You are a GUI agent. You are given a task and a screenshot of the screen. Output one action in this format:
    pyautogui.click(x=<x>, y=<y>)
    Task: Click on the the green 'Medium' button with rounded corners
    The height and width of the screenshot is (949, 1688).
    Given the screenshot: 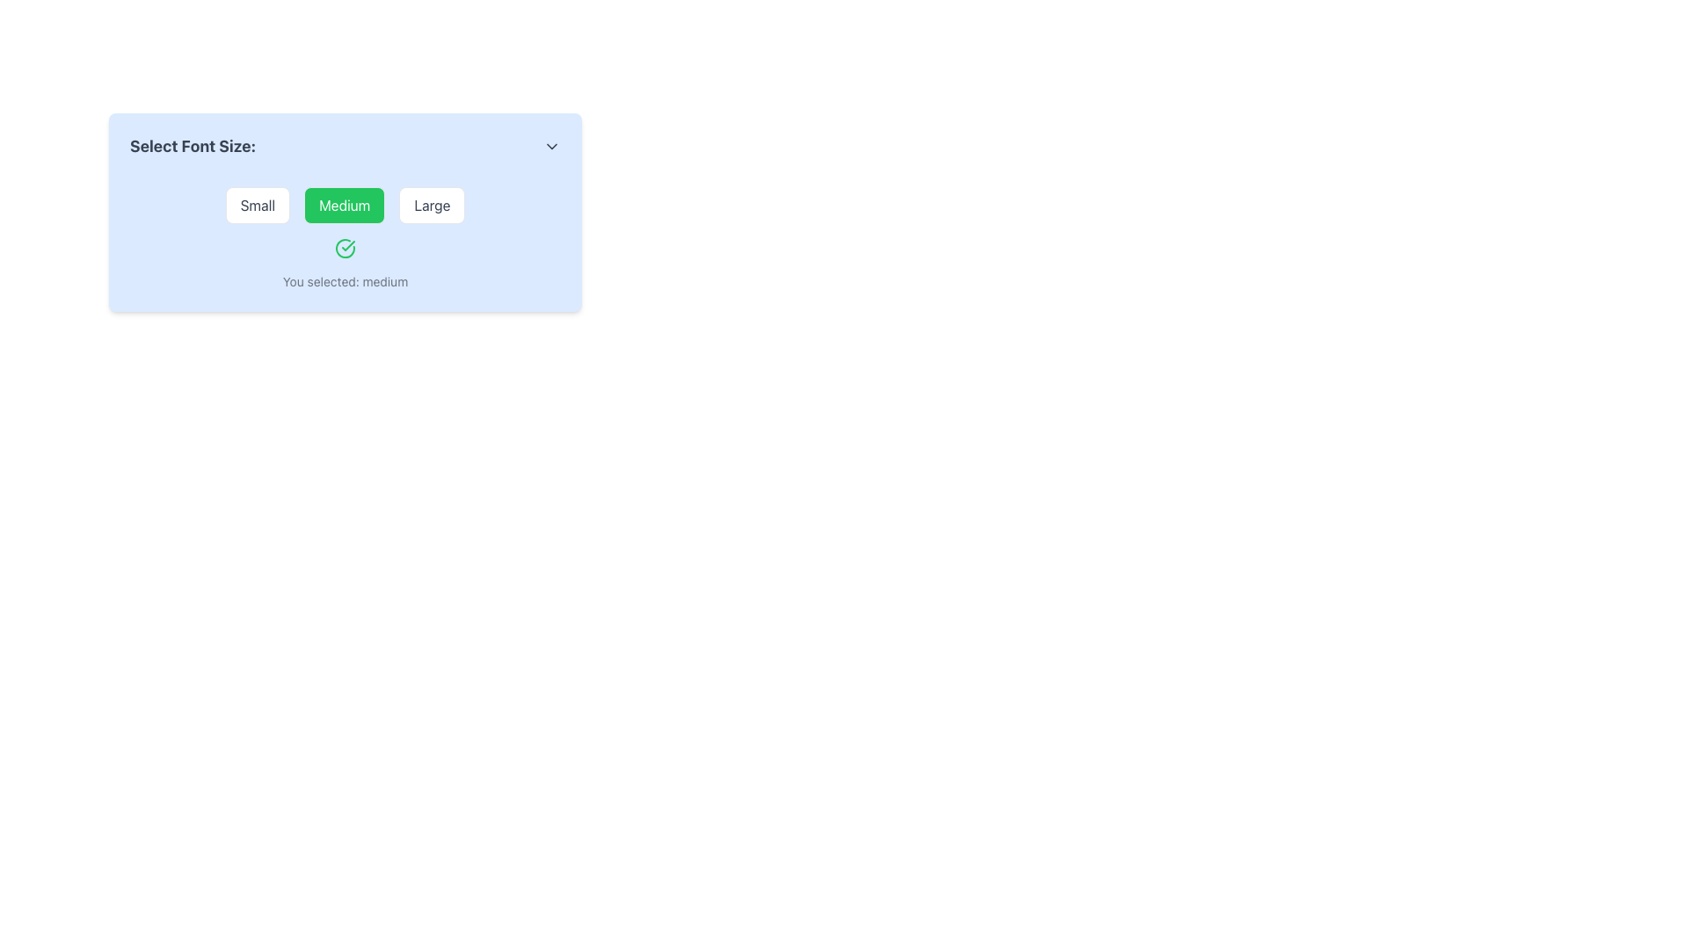 What is the action you would take?
    pyautogui.click(x=345, y=205)
    